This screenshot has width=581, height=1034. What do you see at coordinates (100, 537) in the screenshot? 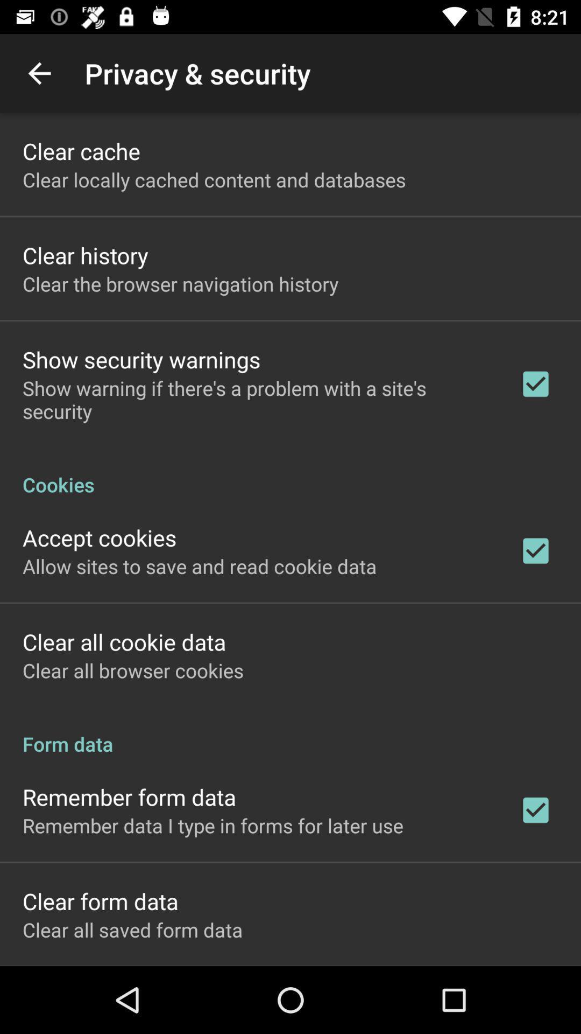
I see `icon above allow sites to item` at bounding box center [100, 537].